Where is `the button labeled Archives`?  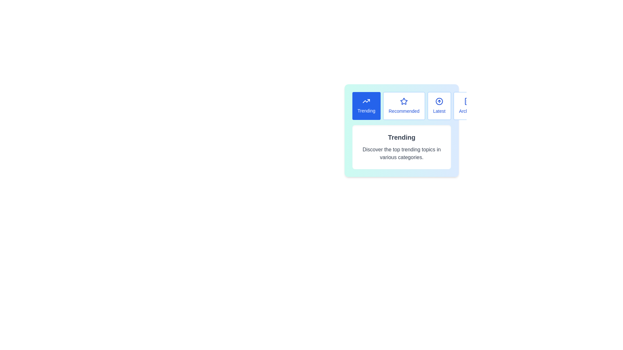
the button labeled Archives is located at coordinates (468, 106).